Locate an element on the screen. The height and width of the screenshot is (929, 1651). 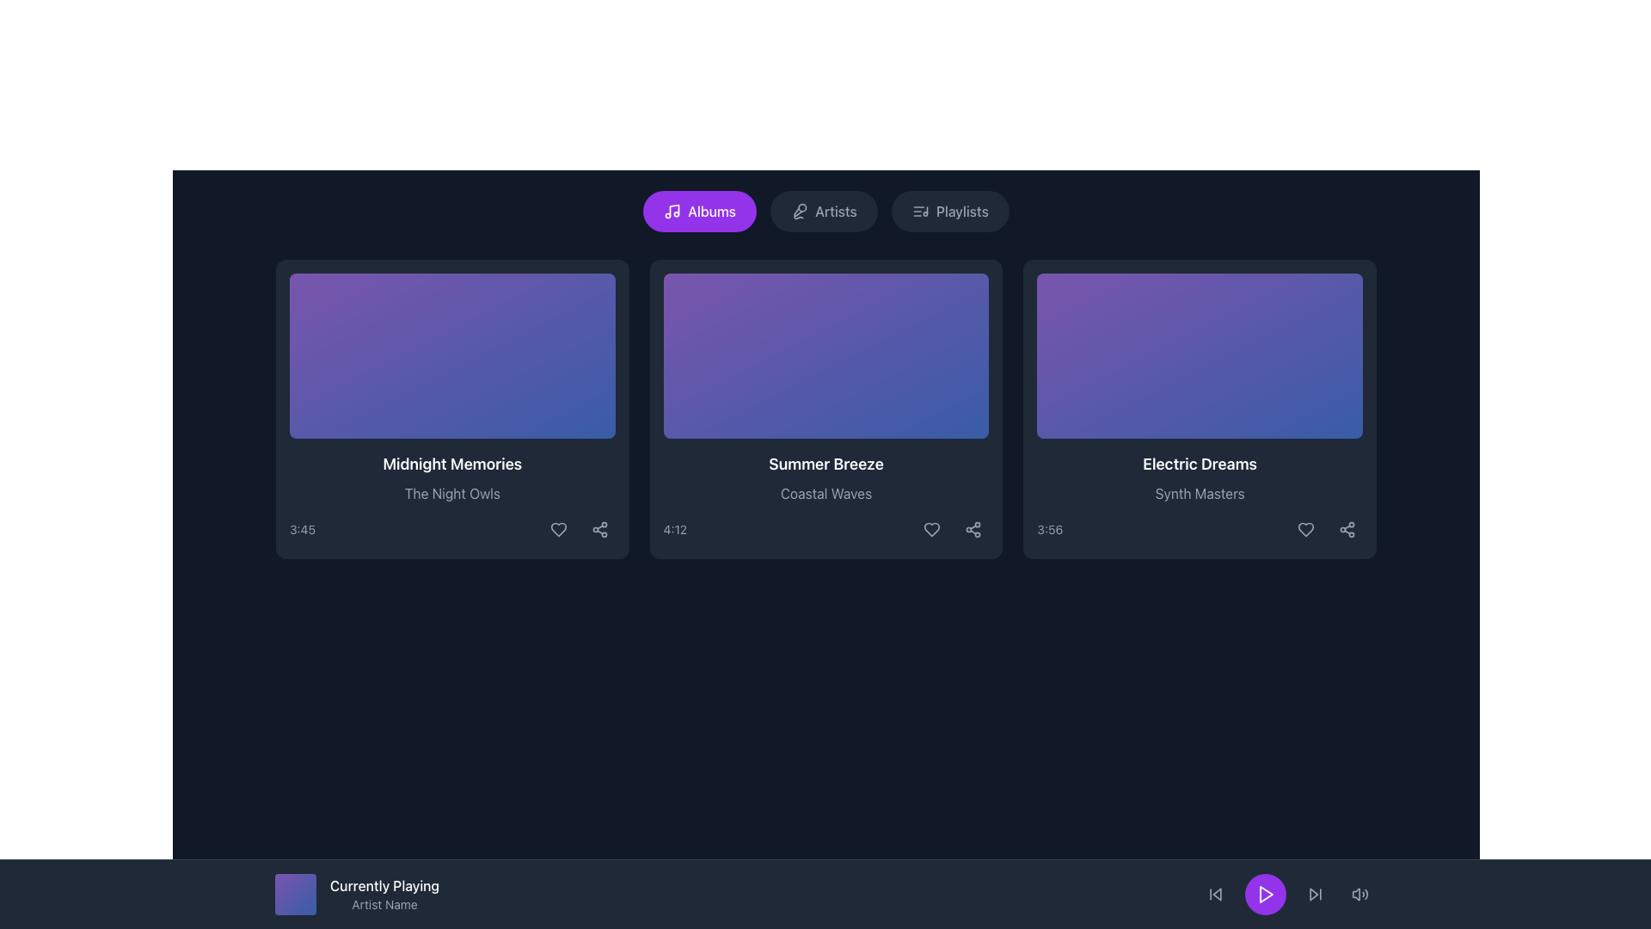
the interactive 'like' or 'favorite' icon located in the bottom-right corner of the 'Electric Dreams' album card is located at coordinates (1305, 529).